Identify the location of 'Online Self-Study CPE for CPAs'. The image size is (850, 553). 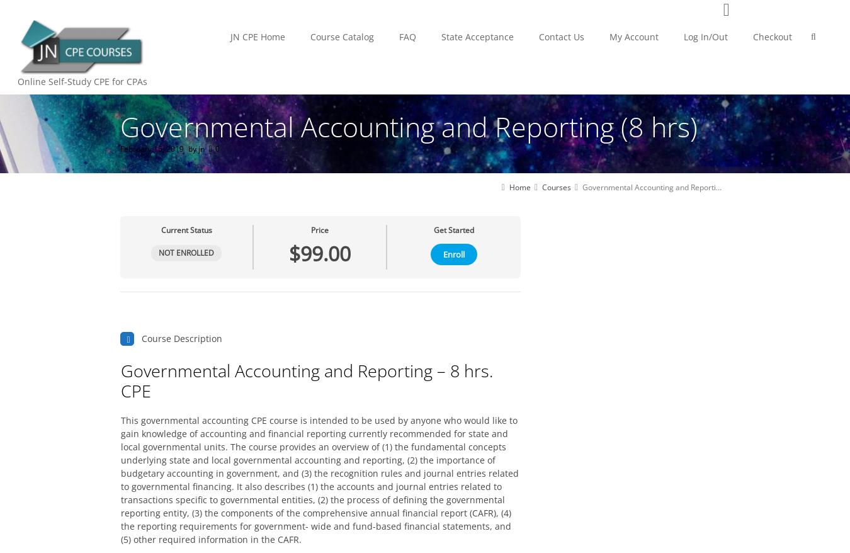
(82, 81).